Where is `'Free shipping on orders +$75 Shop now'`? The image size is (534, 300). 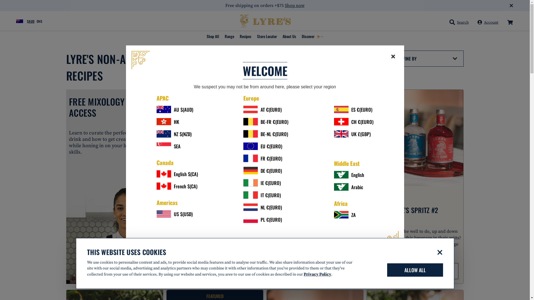
'Free shipping on orders +$75 Shop now' is located at coordinates (264, 5).